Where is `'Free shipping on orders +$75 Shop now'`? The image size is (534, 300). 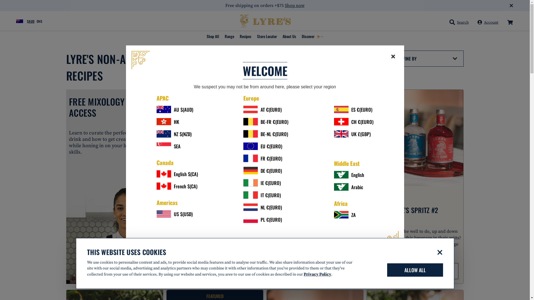
'Free shipping on orders +$75 Shop now' is located at coordinates (264, 5).